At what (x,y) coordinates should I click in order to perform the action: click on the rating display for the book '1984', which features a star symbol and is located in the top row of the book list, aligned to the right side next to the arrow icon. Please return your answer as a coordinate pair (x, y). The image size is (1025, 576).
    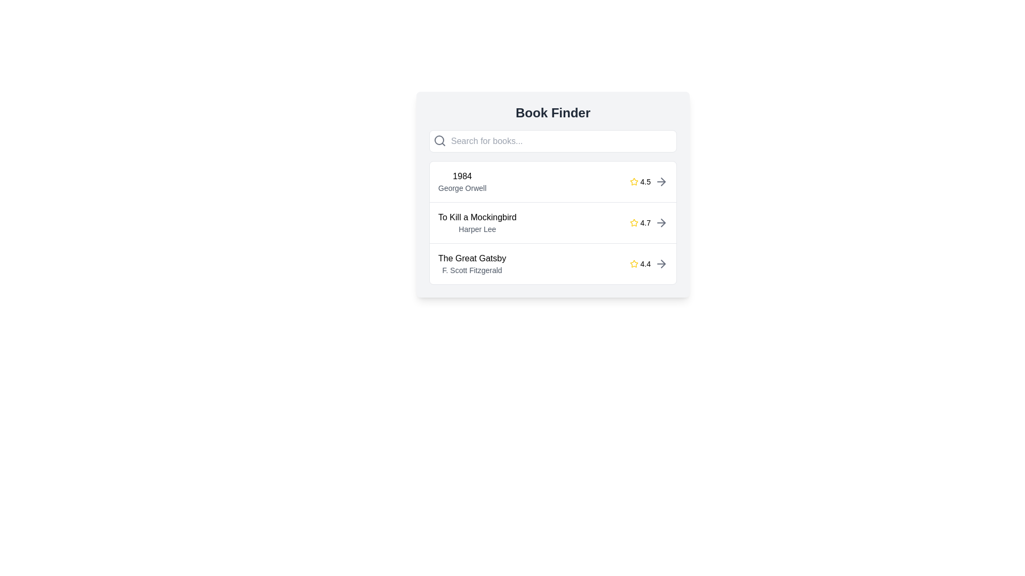
    Looking at the image, I should click on (640, 181).